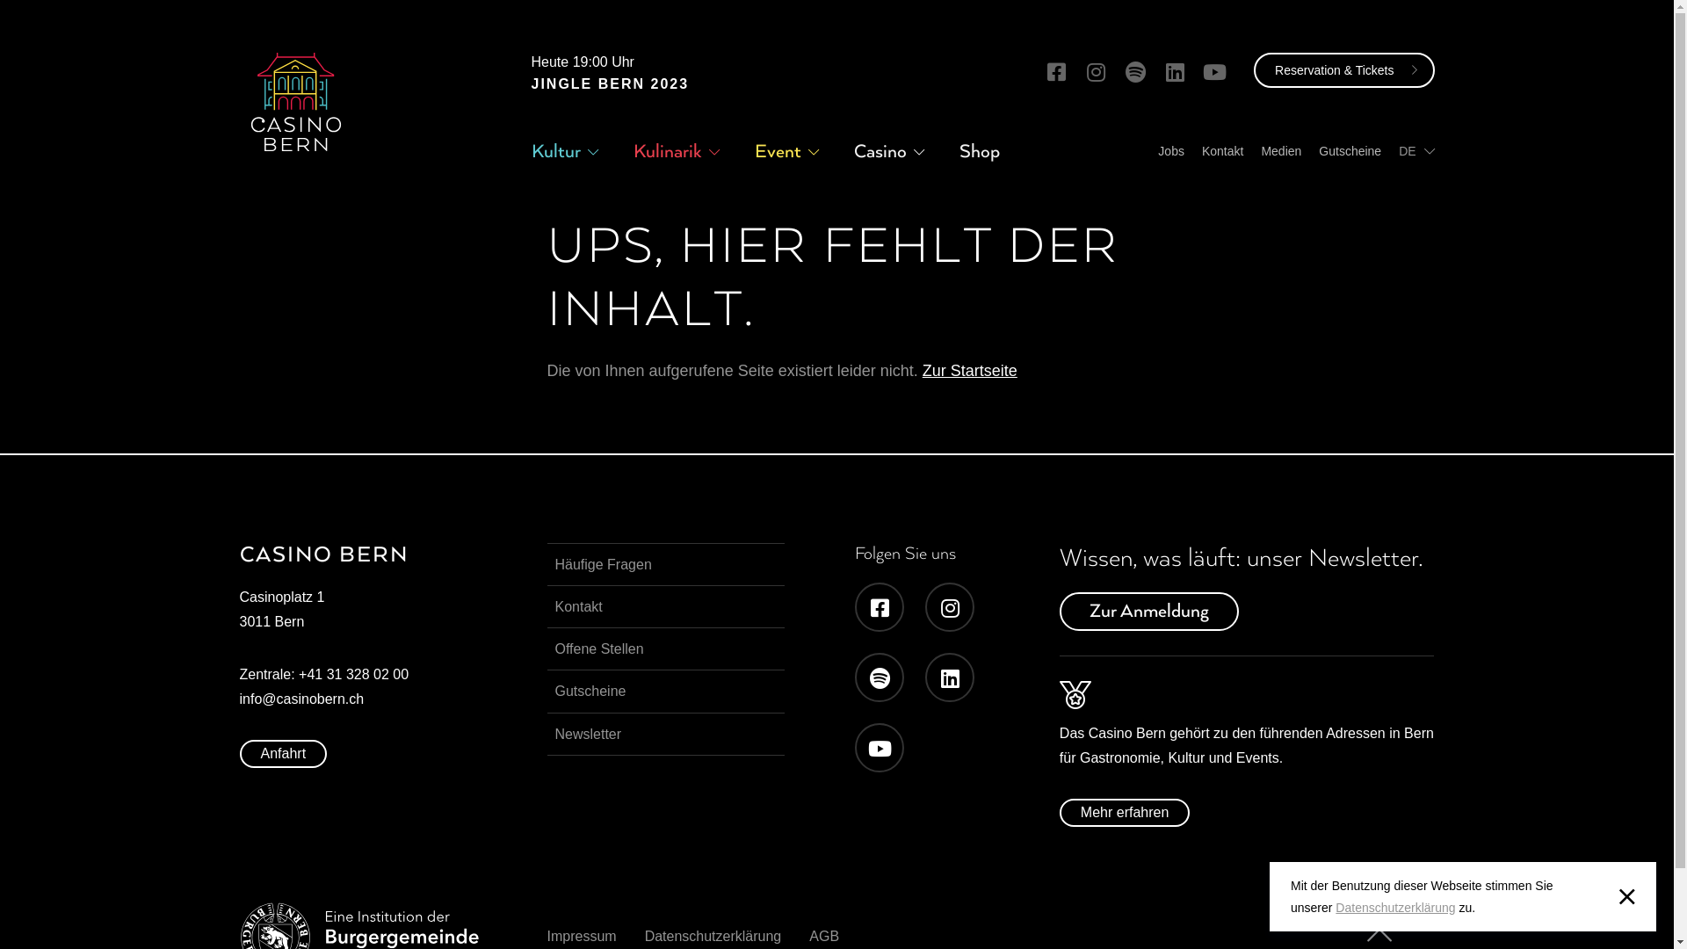 The width and height of the screenshot is (1687, 949). I want to click on 'Mehr erfahren', so click(1125, 813).